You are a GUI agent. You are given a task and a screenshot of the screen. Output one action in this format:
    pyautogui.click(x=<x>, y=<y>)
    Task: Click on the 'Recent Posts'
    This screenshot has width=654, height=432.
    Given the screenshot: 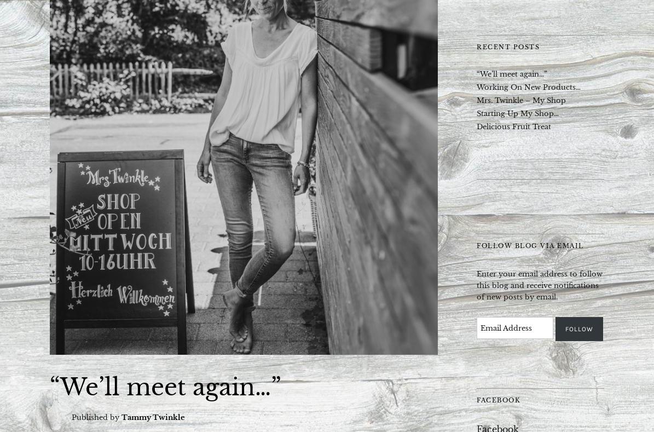 What is the action you would take?
    pyautogui.click(x=507, y=47)
    